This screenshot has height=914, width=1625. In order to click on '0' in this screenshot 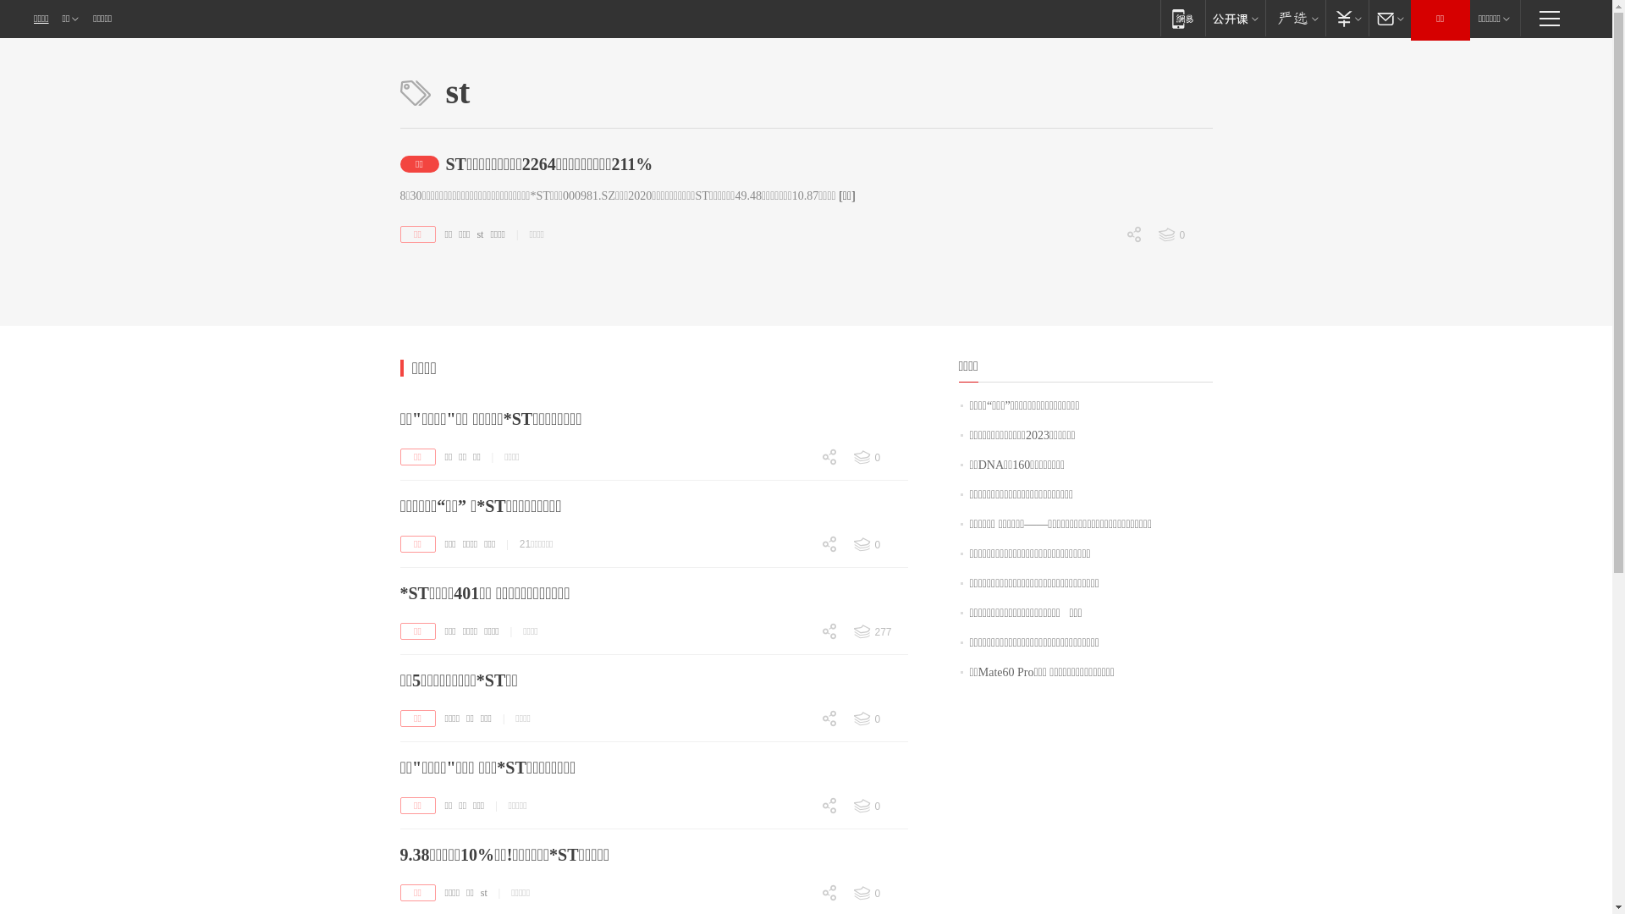, I will do `click(795, 807)`.